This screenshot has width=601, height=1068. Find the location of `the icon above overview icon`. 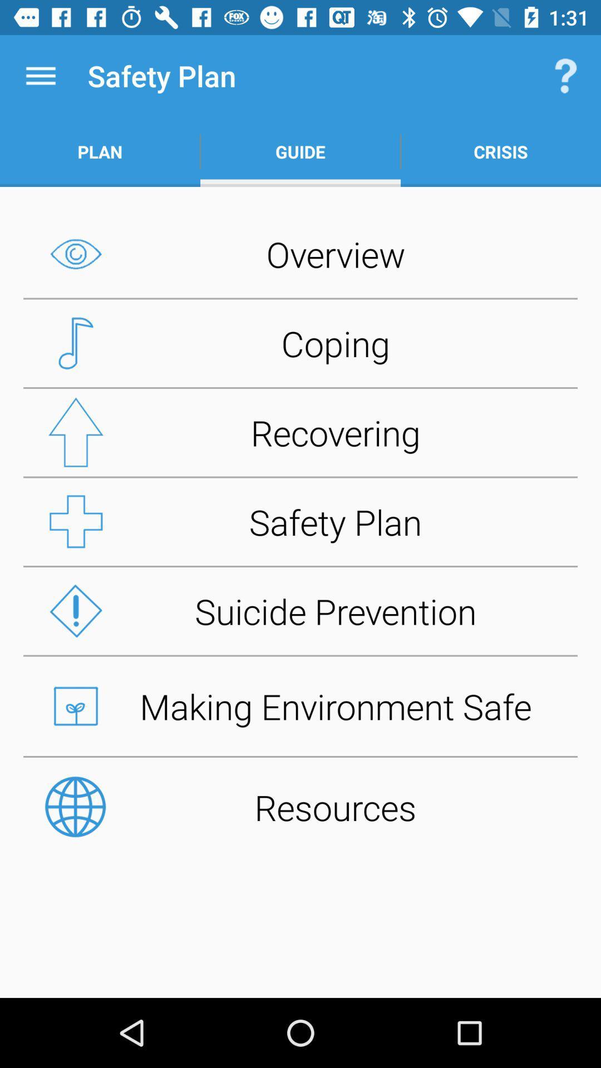

the icon above overview icon is located at coordinates (500, 151).